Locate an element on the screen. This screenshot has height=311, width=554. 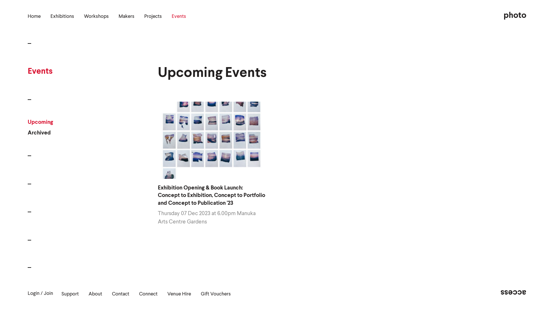
'Upcoming' is located at coordinates (40, 122).